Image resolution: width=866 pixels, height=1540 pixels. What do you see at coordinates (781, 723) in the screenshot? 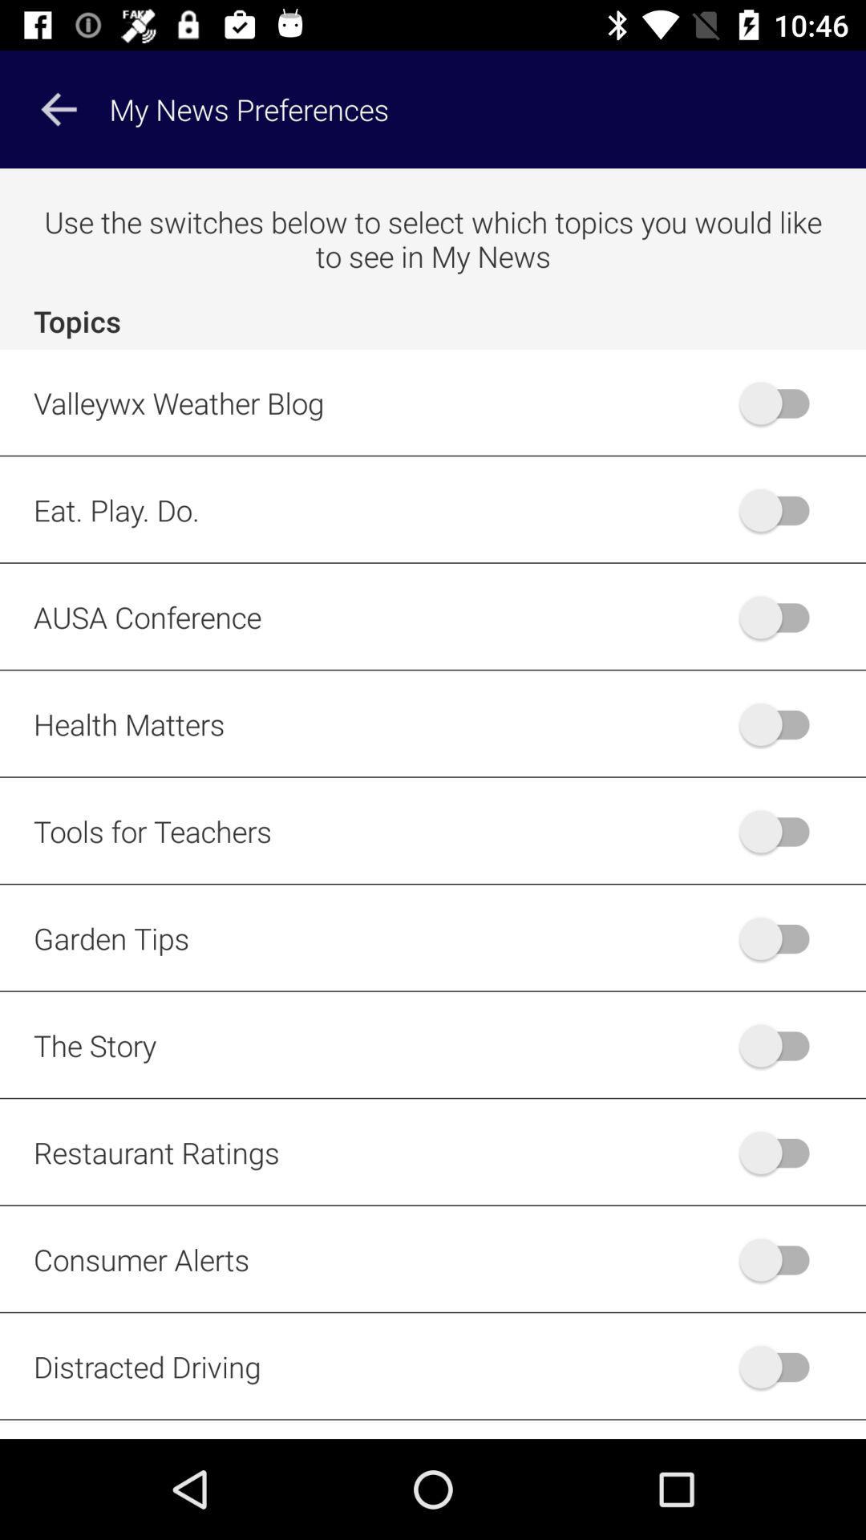
I see `turn preference on and off` at bounding box center [781, 723].